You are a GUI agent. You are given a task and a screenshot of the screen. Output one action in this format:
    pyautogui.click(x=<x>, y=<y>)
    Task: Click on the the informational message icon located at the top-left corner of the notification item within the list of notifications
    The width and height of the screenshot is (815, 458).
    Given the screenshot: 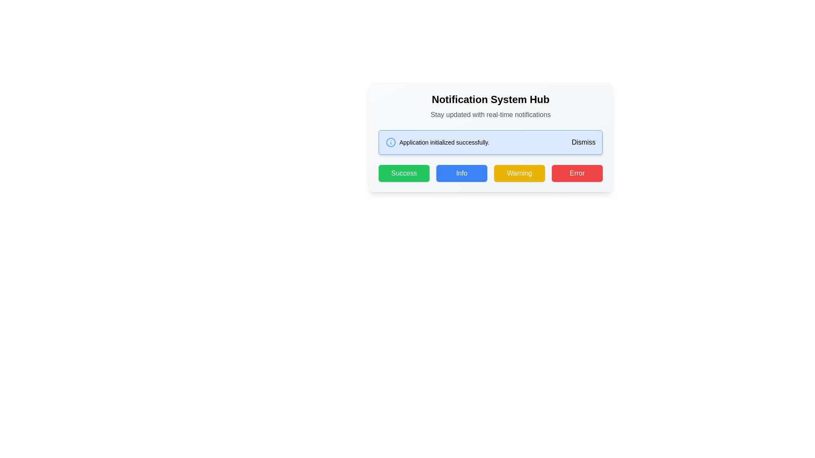 What is the action you would take?
    pyautogui.click(x=391, y=142)
    